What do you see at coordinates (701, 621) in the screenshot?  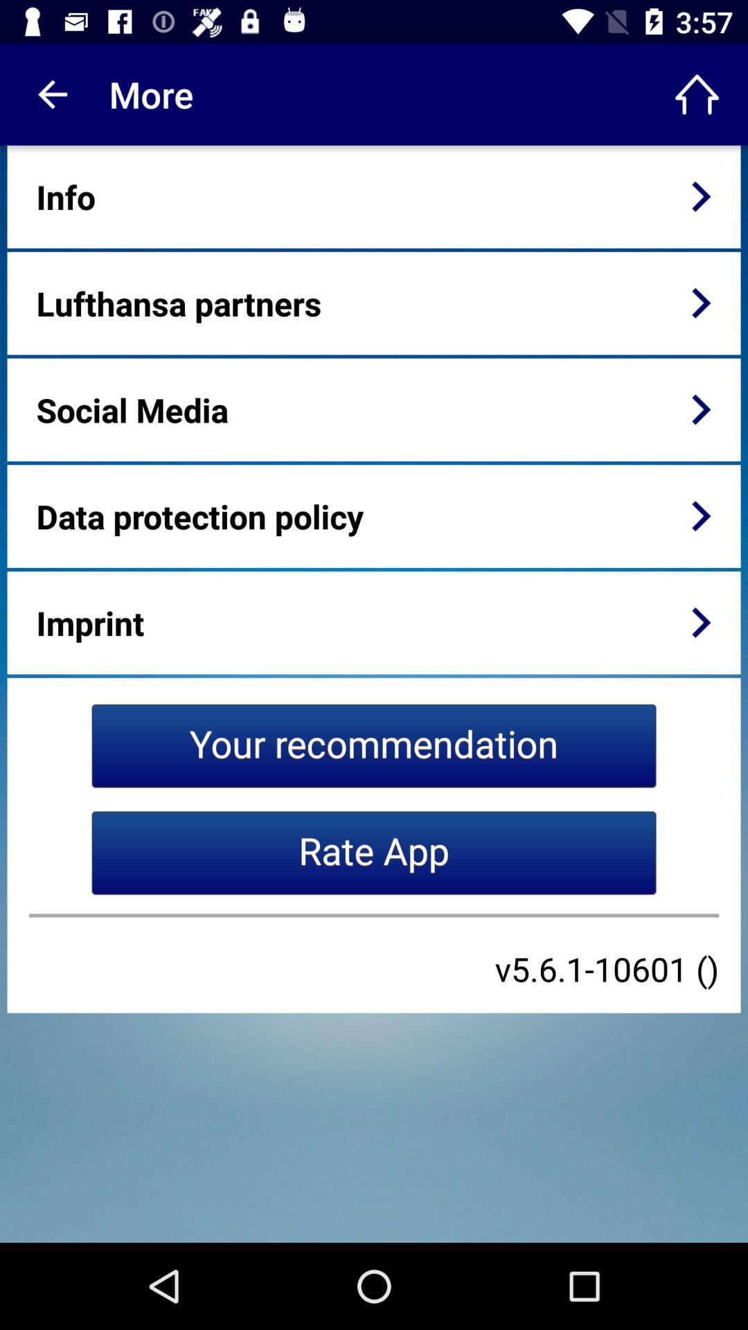 I see `the icon next to imprint icon` at bounding box center [701, 621].